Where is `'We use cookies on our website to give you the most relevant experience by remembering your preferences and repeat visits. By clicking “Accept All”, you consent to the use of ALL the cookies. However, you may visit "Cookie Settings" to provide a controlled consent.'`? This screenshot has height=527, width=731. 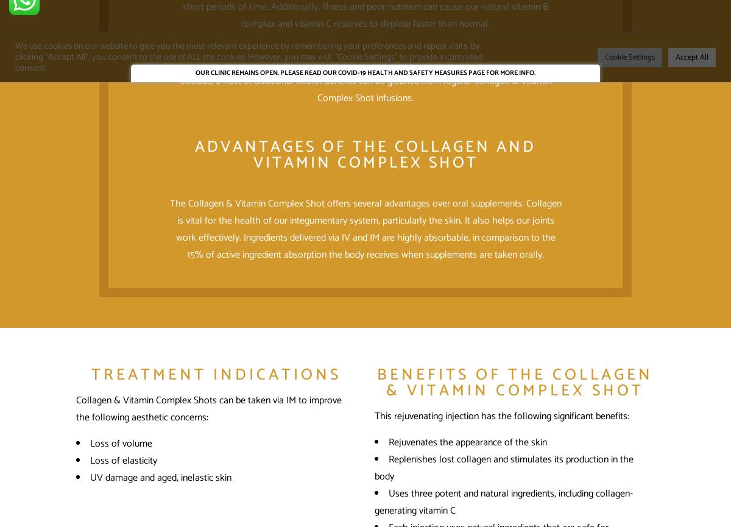 'We use cookies on our website to give you the most relevant experience by remembering your preferences and repeat visits. By clicking “Accept All”, you consent to the use of ALL the cookies. However, you may visit "Cookie Settings" to provide a controlled consent.' is located at coordinates (249, 57).